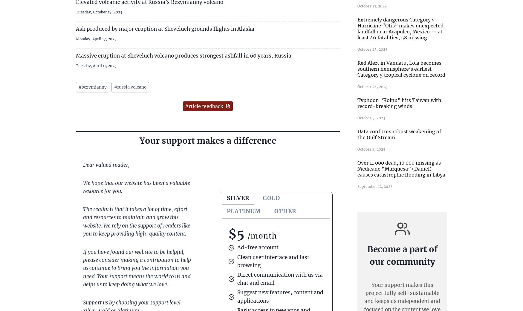 The height and width of the screenshot is (311, 523). Describe the element at coordinates (401, 68) in the screenshot. I see `'Red Alert in Vanuatu, Lola becomes southern hemisphere’s earliest Category 5 tropical cyclone on record'` at that location.